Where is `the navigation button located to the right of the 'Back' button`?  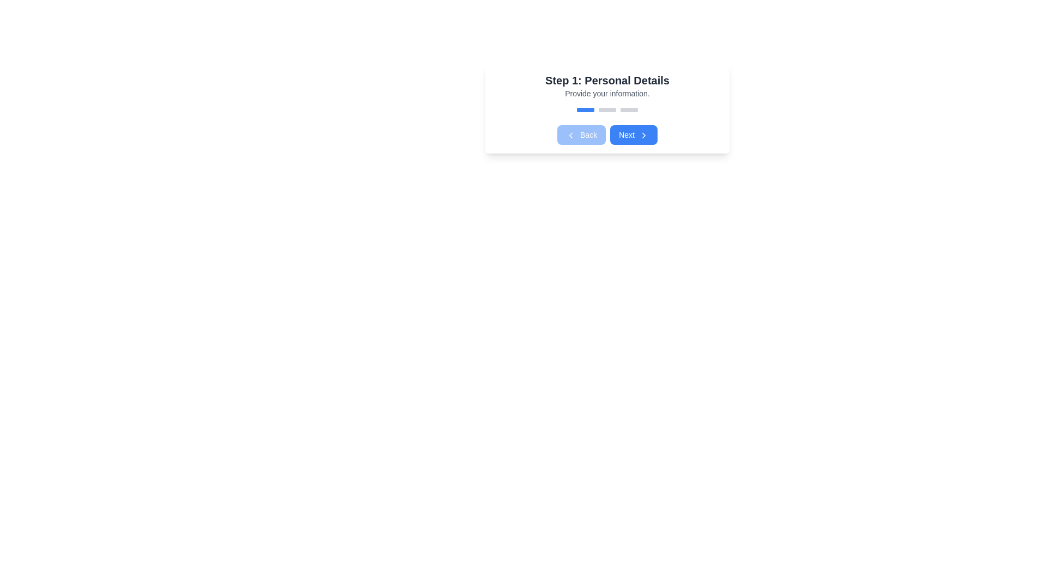 the navigation button located to the right of the 'Back' button is located at coordinates (634, 134).